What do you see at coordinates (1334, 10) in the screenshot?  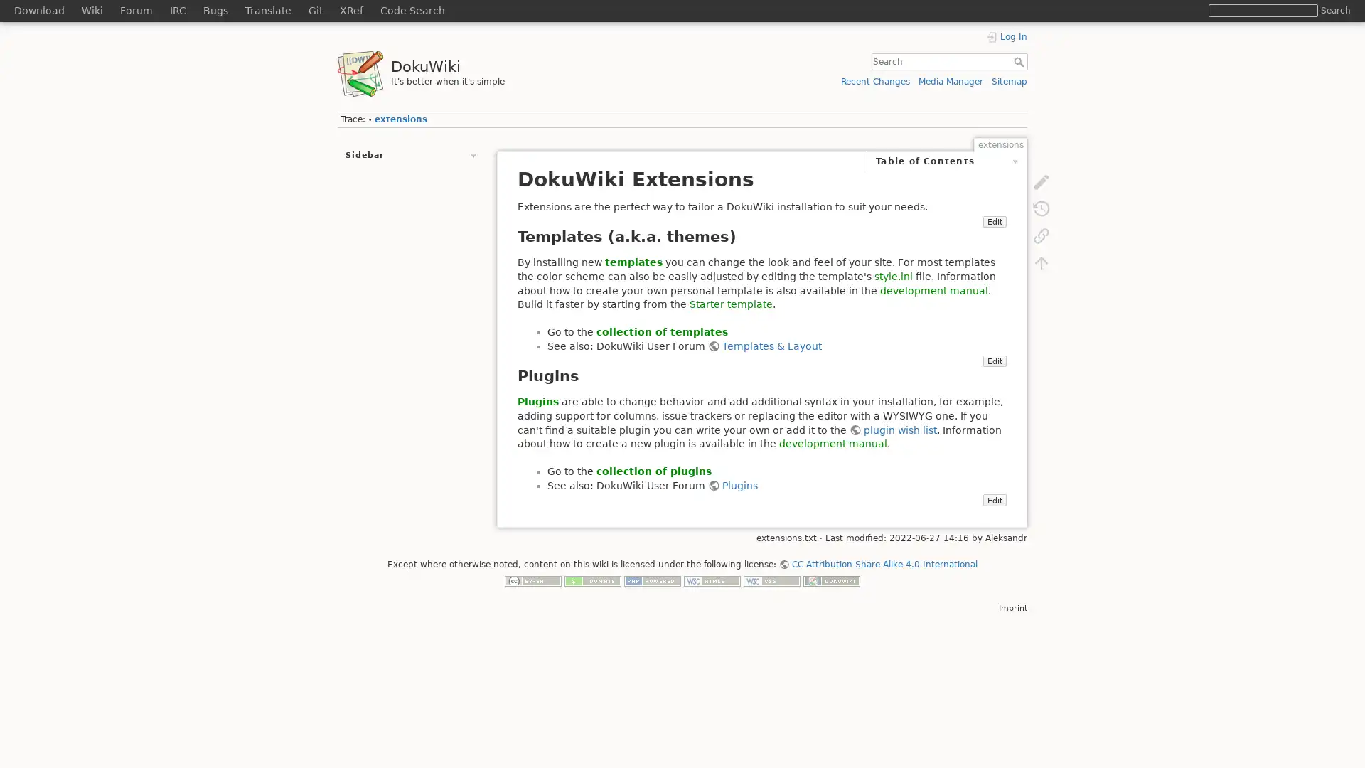 I see `Search` at bounding box center [1334, 10].